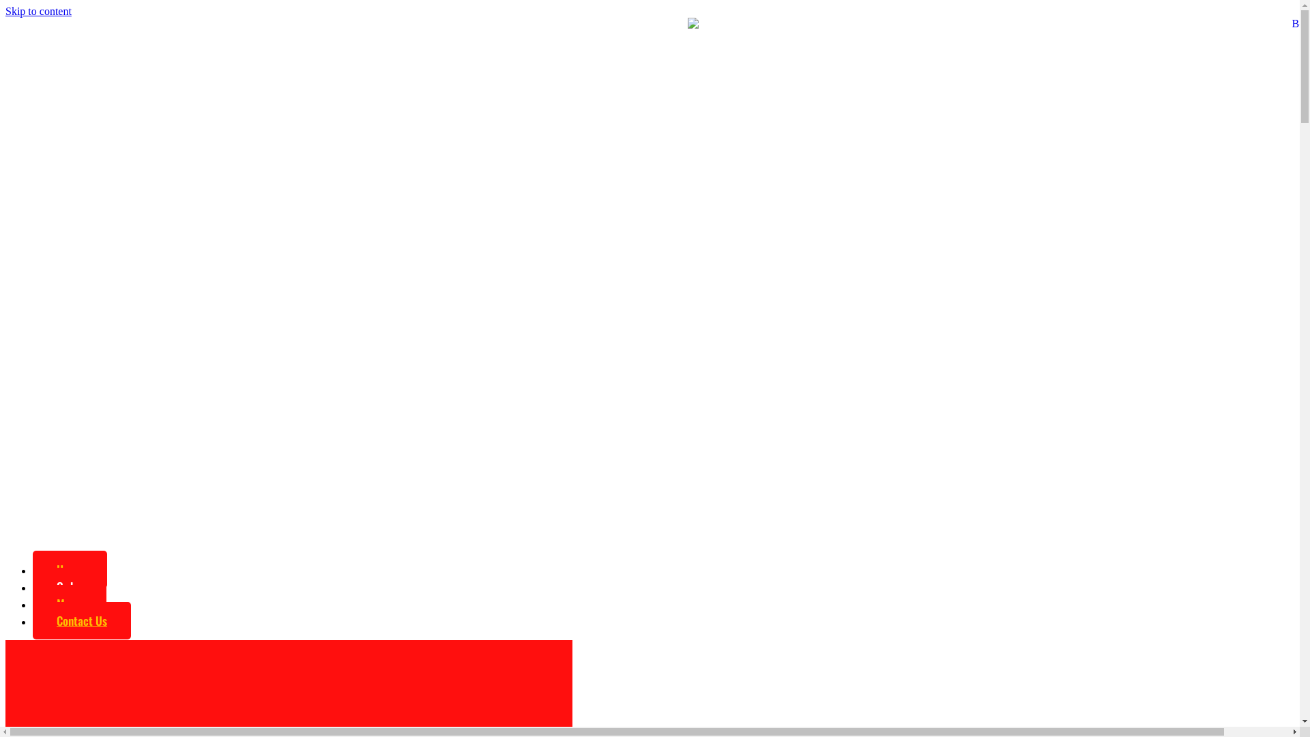 The width and height of the screenshot is (1310, 737). Describe the element at coordinates (33, 603) in the screenshot. I see `'Menu'` at that location.